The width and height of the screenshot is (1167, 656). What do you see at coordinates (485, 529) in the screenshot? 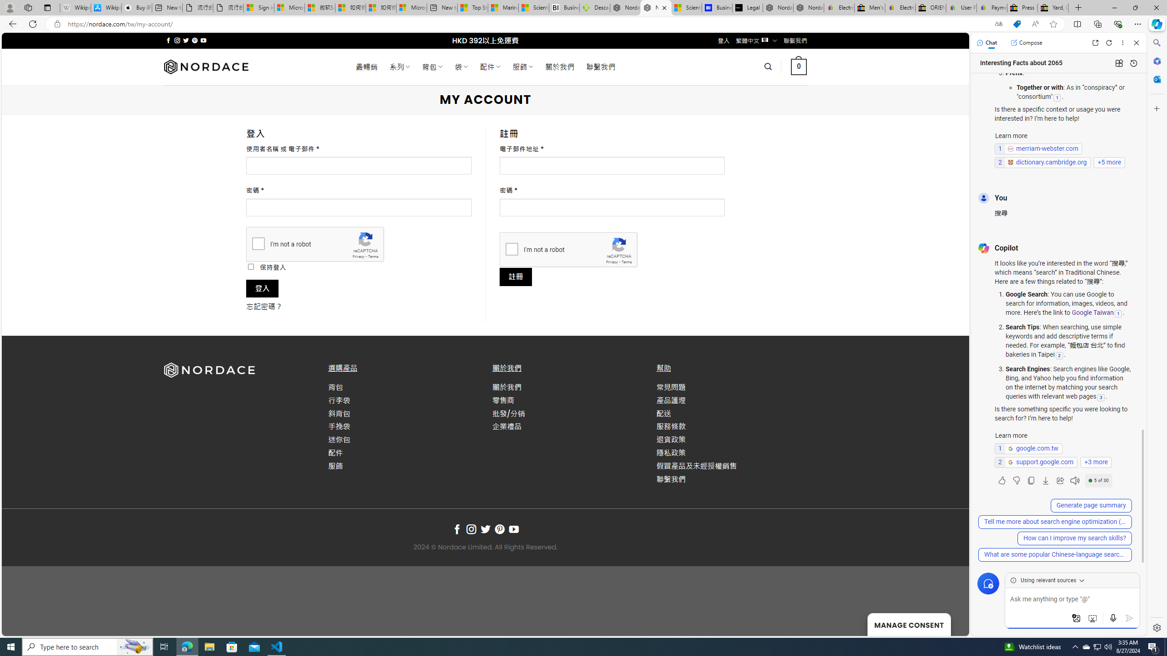
I see `'Follow on Twitter'` at bounding box center [485, 529].